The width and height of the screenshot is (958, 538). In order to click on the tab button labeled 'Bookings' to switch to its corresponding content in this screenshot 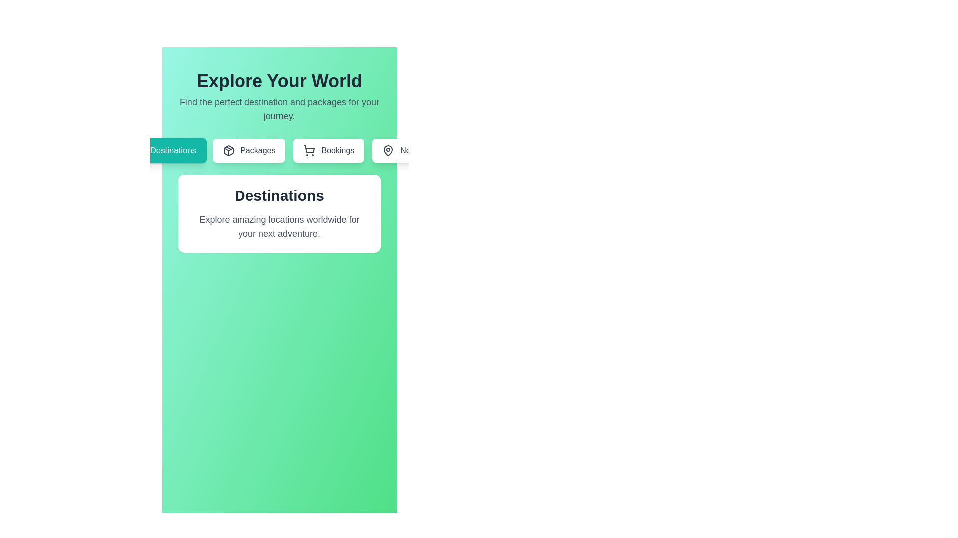, I will do `click(329, 151)`.